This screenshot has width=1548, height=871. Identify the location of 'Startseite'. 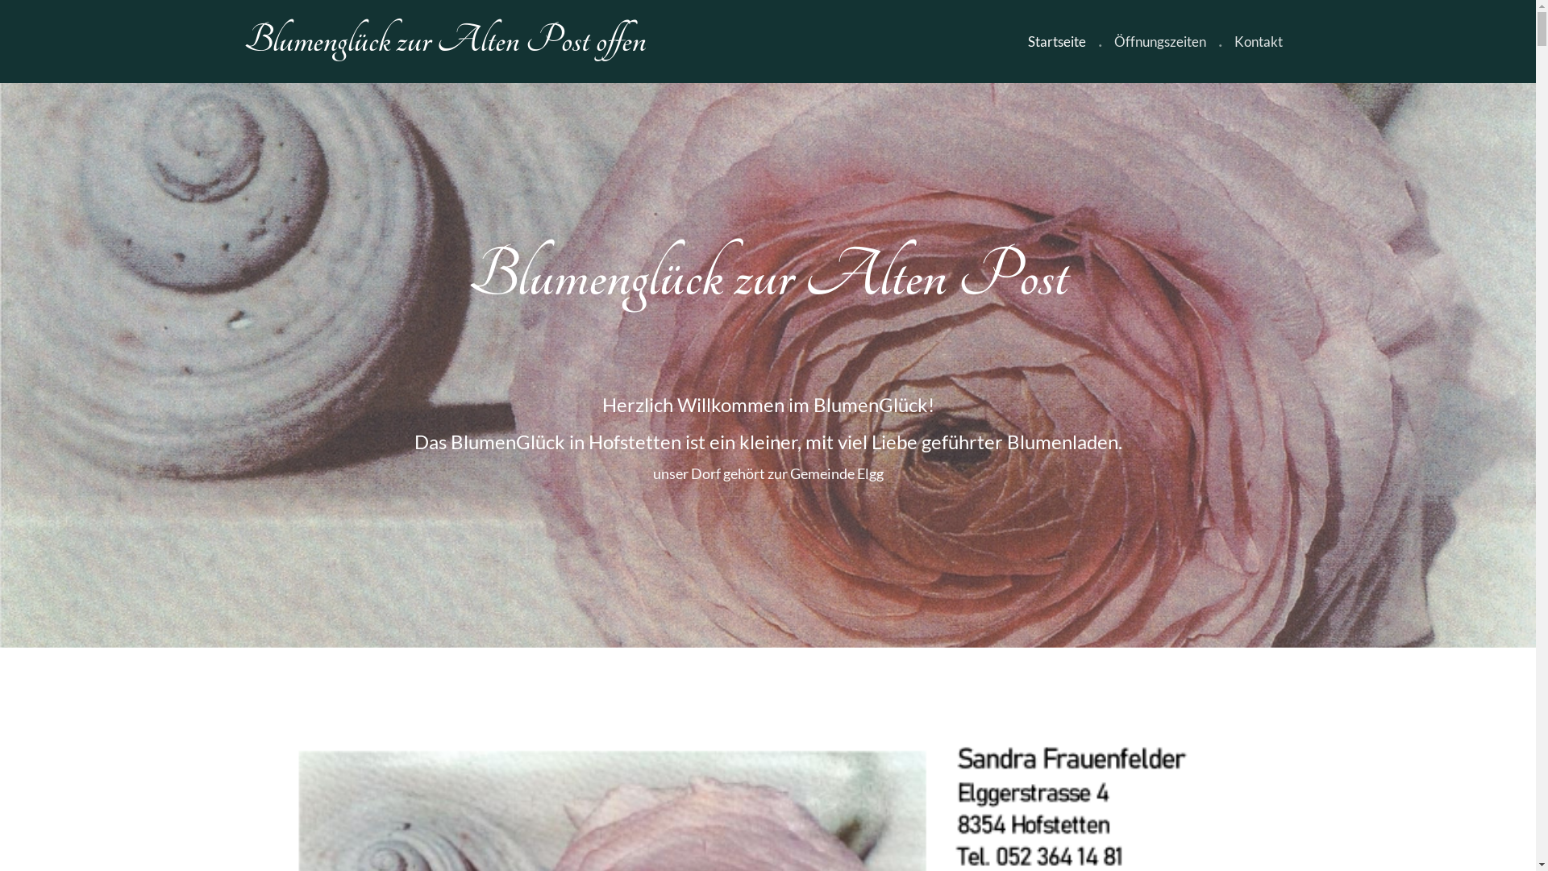
(1056, 40).